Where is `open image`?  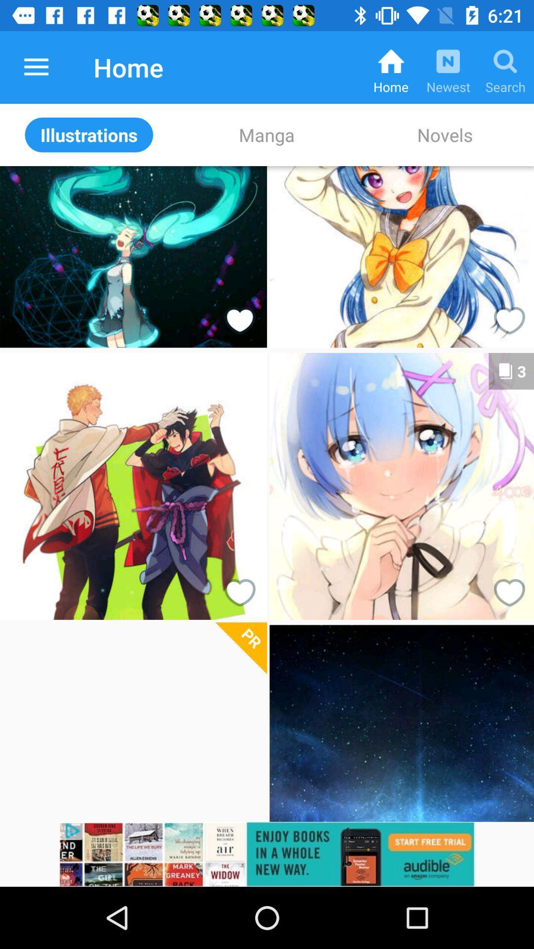
open image is located at coordinates (133, 724).